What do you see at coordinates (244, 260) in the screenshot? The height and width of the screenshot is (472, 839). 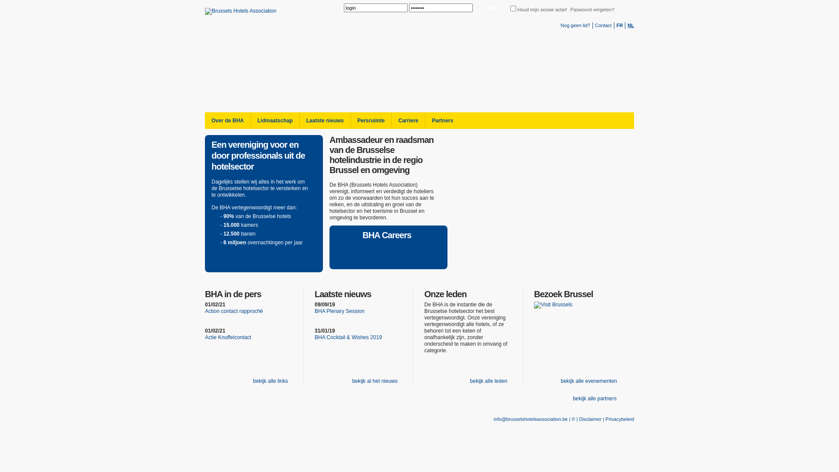 I see `'Lid worden'` at bounding box center [244, 260].